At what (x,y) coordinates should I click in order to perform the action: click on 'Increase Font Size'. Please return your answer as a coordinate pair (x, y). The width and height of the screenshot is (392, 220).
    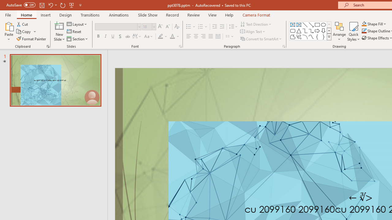
    Looking at the image, I should click on (160, 26).